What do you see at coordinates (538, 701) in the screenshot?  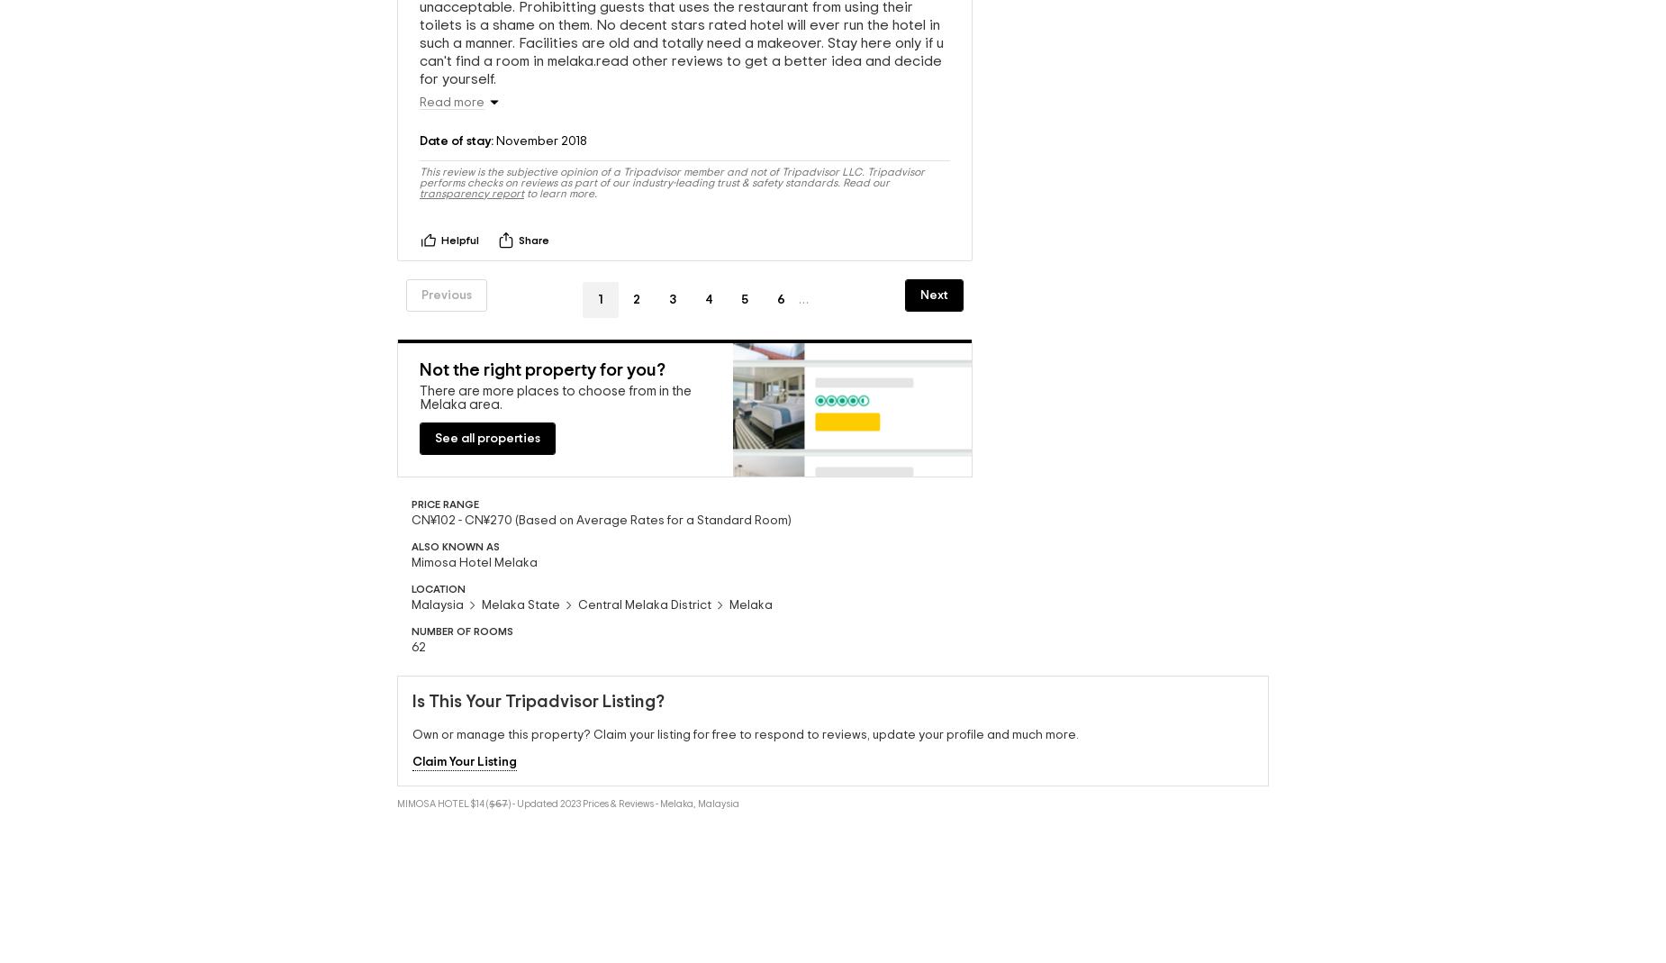 I see `'Is This Your Tripadvisor Listing?'` at bounding box center [538, 701].